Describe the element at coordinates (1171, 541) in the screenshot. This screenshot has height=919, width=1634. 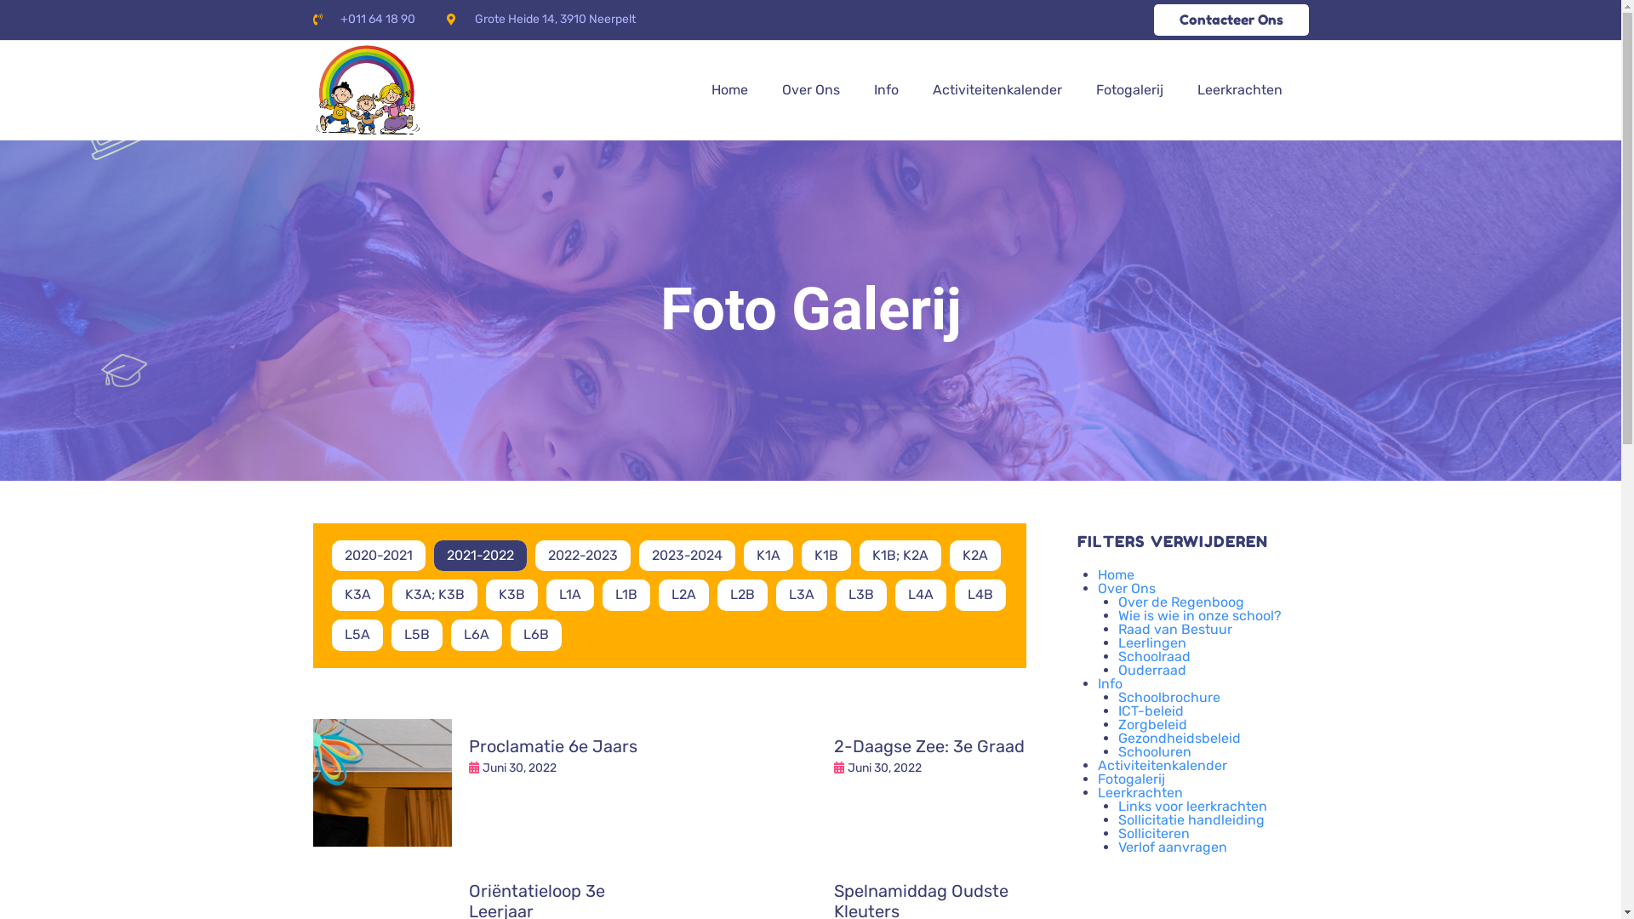
I see `'FILTERS VERWIJDEREN'` at that location.